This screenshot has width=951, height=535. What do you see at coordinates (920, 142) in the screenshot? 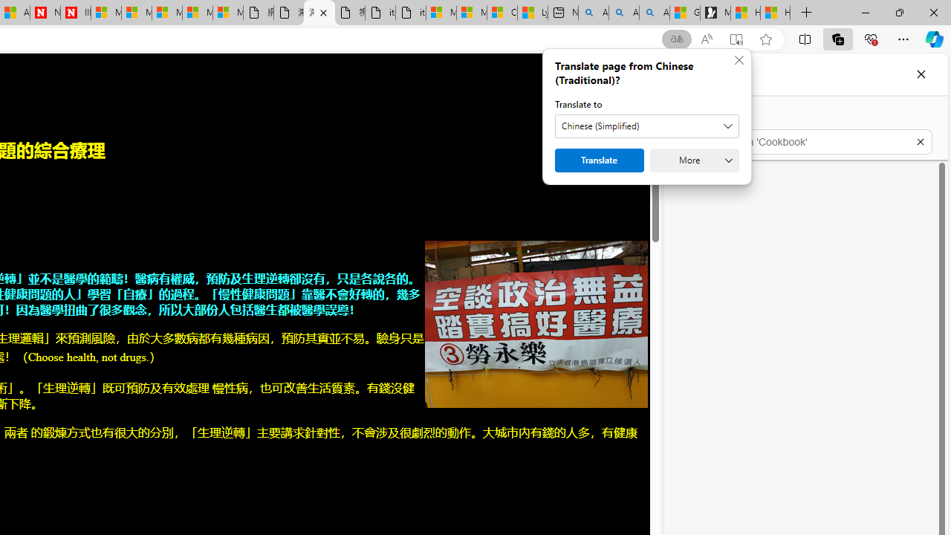
I see `'Exit search'` at bounding box center [920, 142].